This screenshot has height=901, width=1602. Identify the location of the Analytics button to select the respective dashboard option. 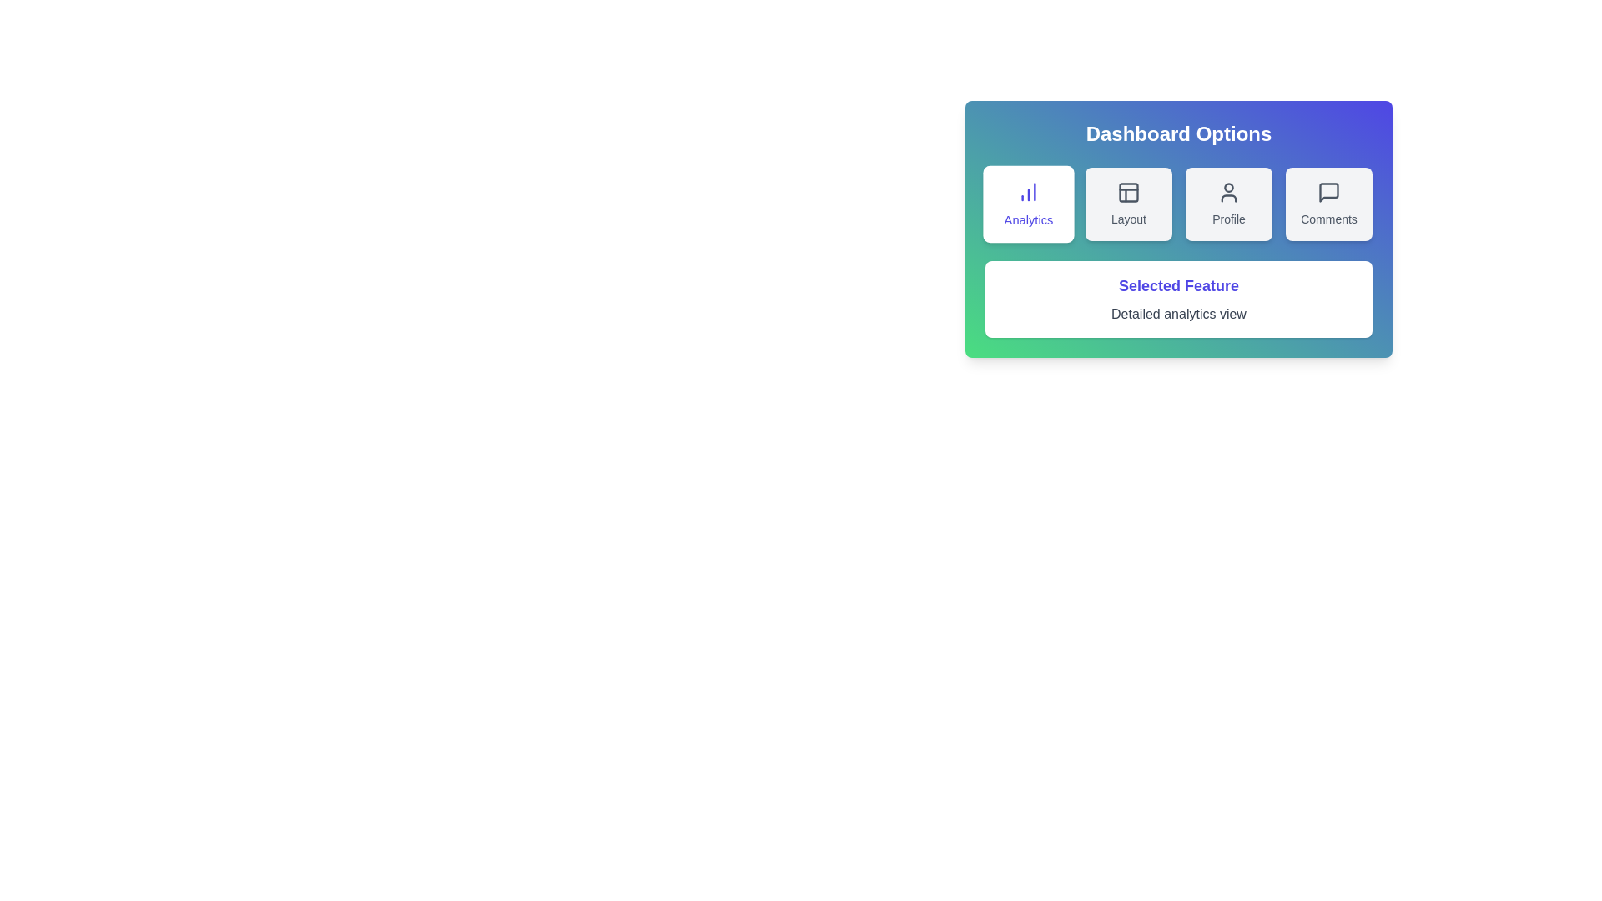
(1028, 204).